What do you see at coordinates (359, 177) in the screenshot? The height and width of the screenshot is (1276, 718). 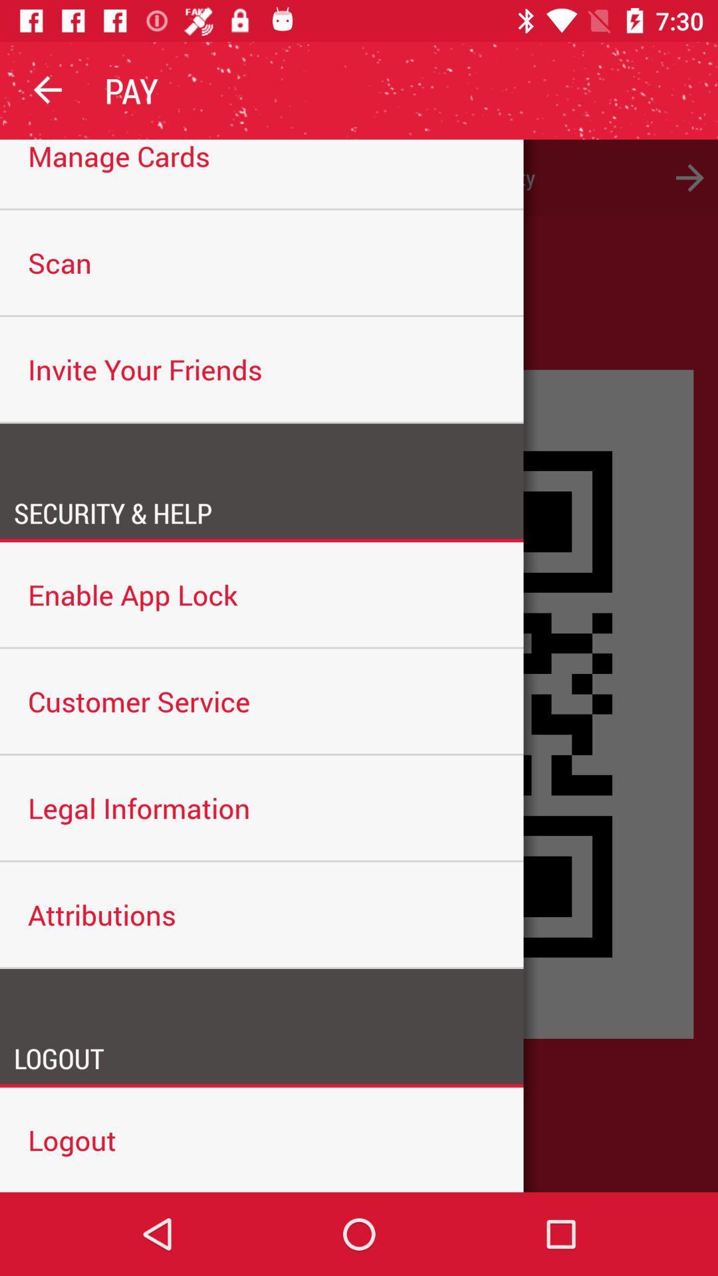 I see `the please add a icon` at bounding box center [359, 177].